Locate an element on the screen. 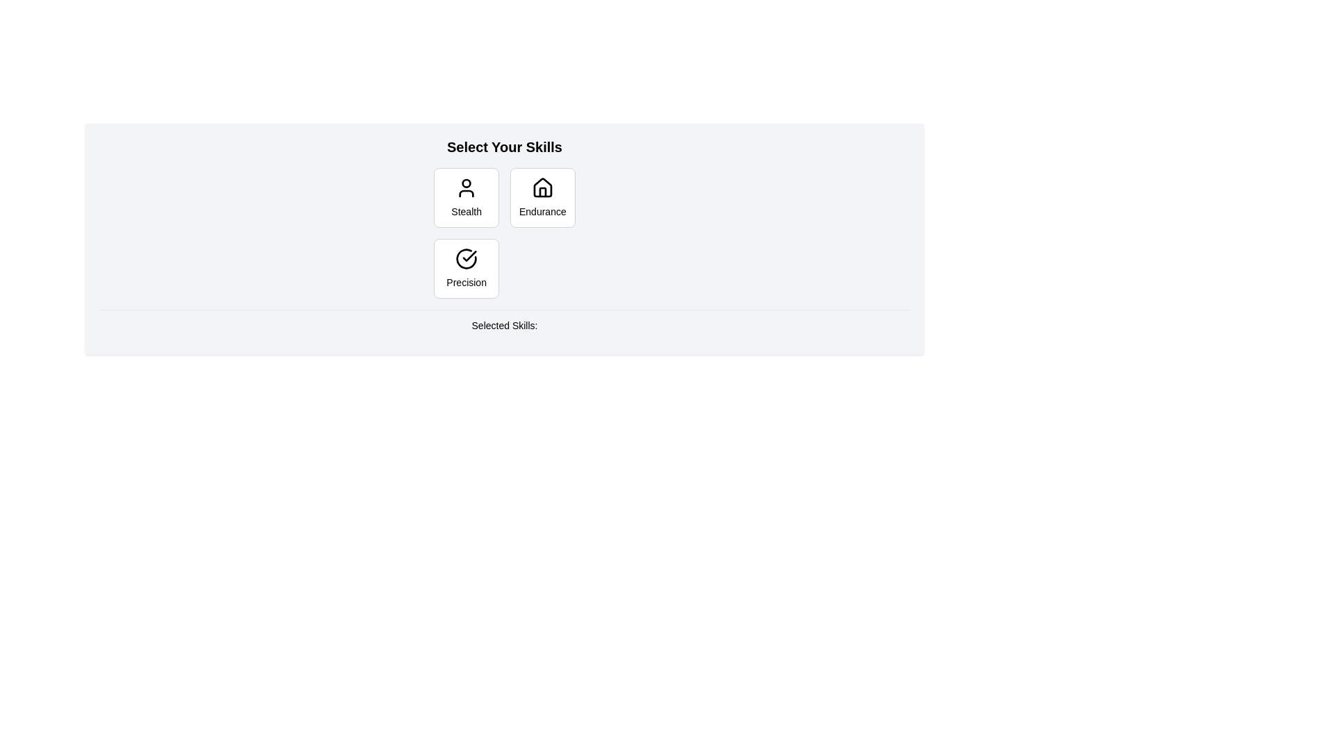 The image size is (1333, 750). the 'Stealth' button located at the top-left corner of the selectable items grid to navigate is located at coordinates (467, 198).